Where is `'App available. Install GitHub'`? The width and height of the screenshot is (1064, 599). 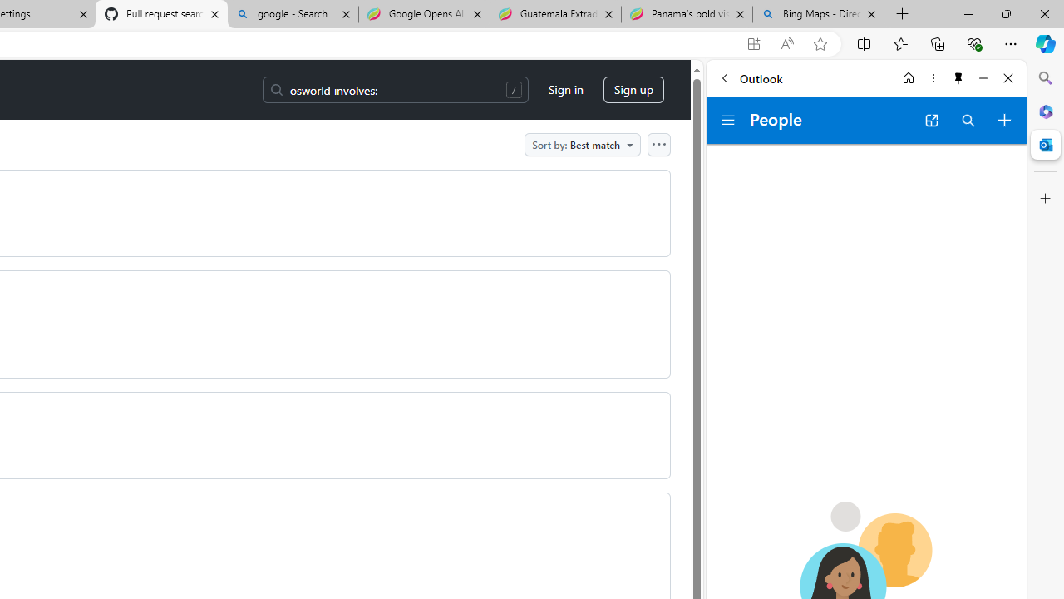
'App available. Install GitHub' is located at coordinates (752, 43).